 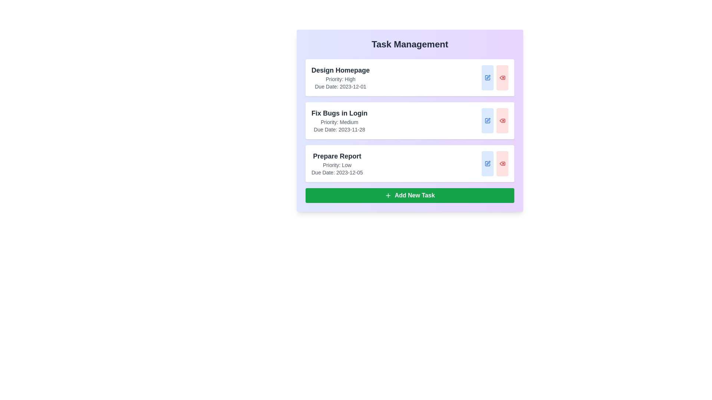 I want to click on edit button for the task titled 'Design Homepage', so click(x=488, y=77).